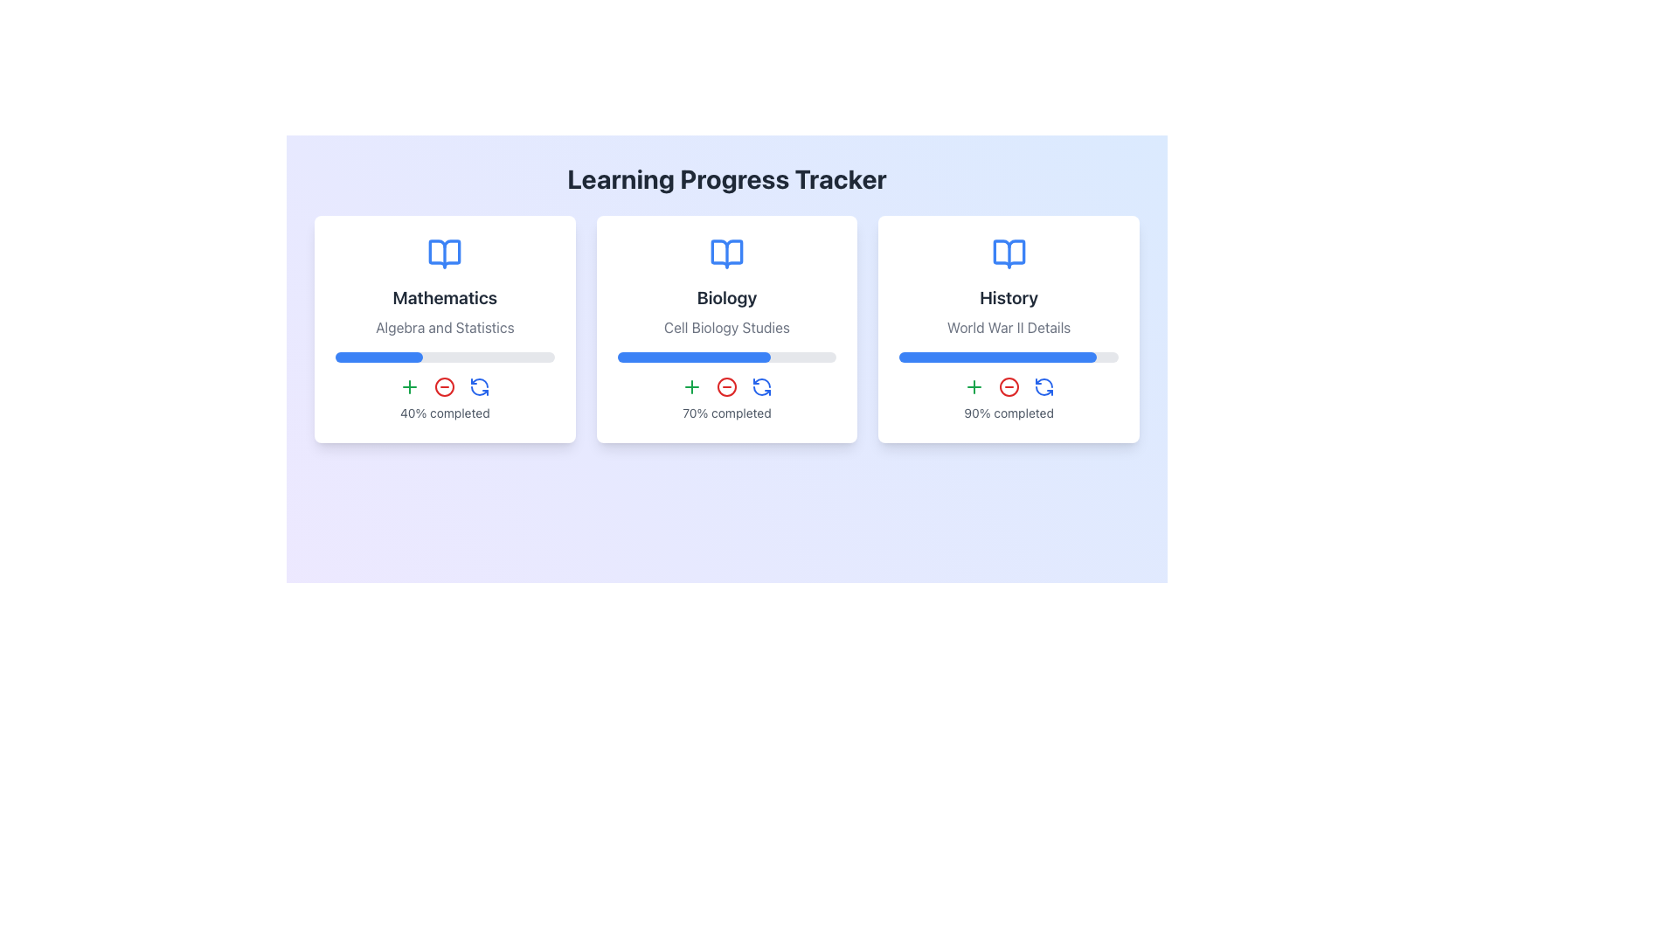  I want to click on the green outline plus icon button, which is the first in a row of three icons located under the progress bar and aligned with the 'Mathematics' card, so click(973, 386).